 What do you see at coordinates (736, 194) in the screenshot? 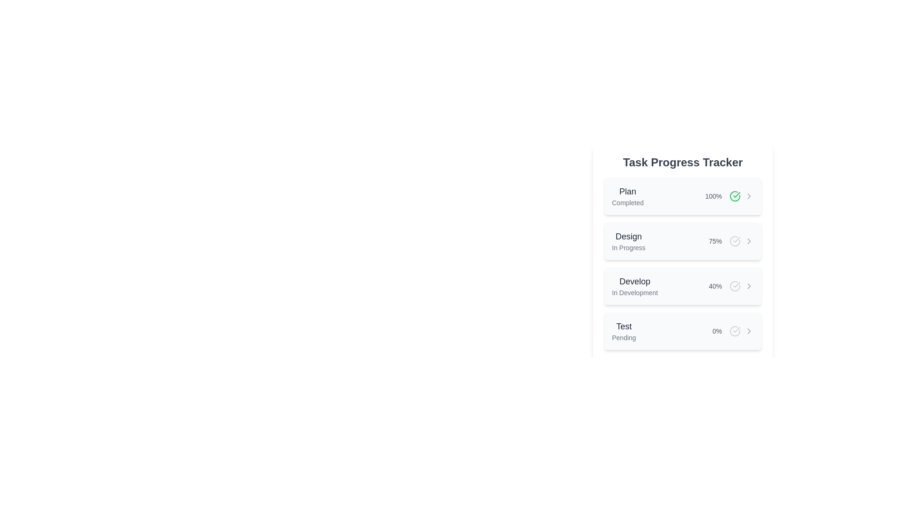
I see `the green circular checkmark icon, which is part of the 'Plan - Completed' task row in the progress tracker interface` at bounding box center [736, 194].